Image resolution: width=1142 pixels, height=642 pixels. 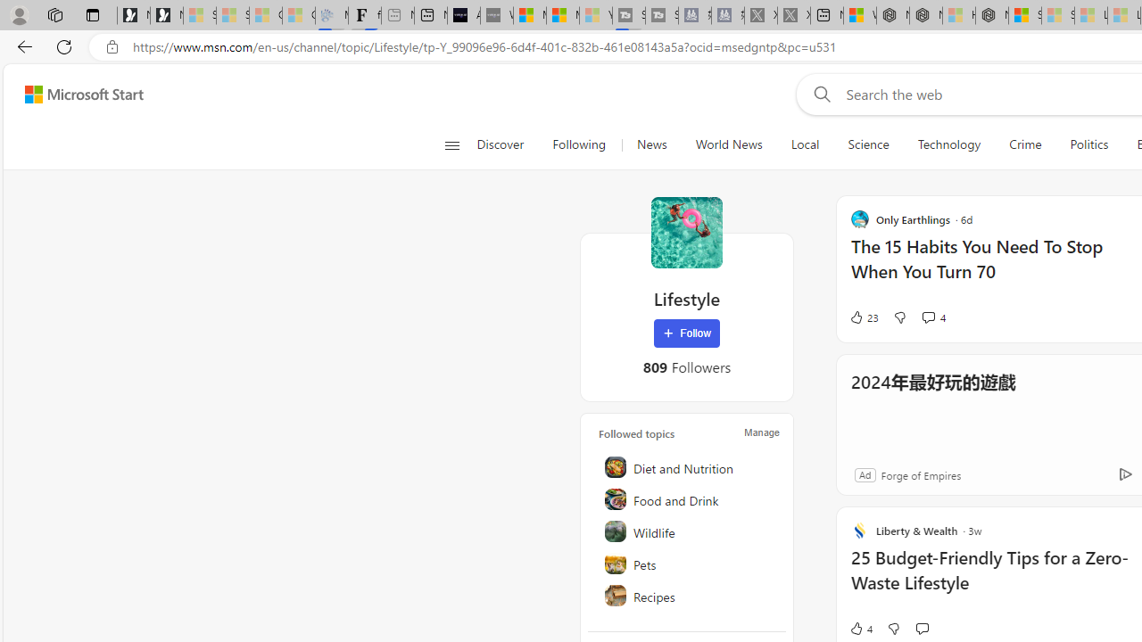 I want to click on 'X - Sleeping', so click(x=792, y=15).